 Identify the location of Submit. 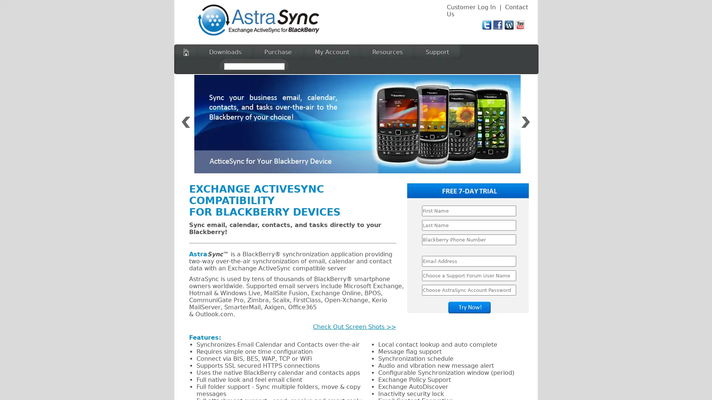
(469, 307).